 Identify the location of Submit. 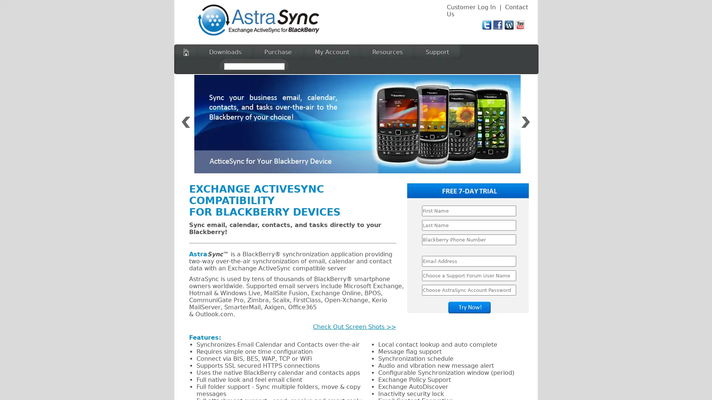
(469, 307).